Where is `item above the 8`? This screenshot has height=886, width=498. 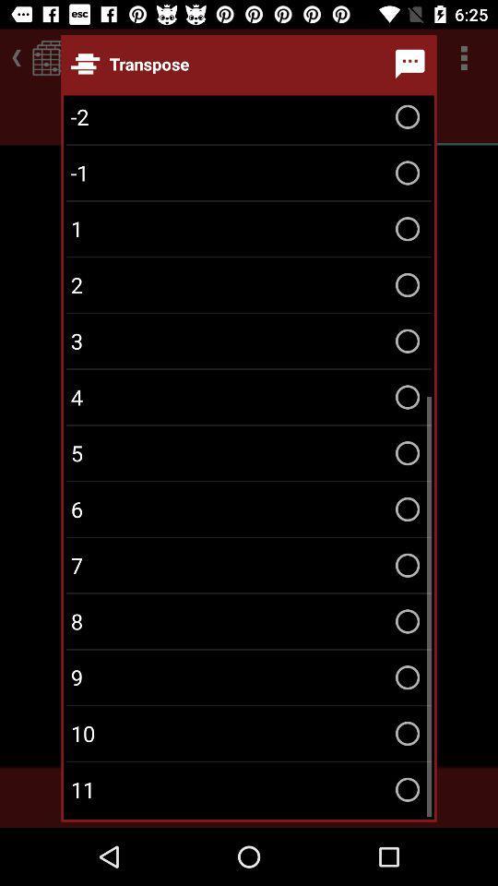
item above the 8 is located at coordinates (249, 564).